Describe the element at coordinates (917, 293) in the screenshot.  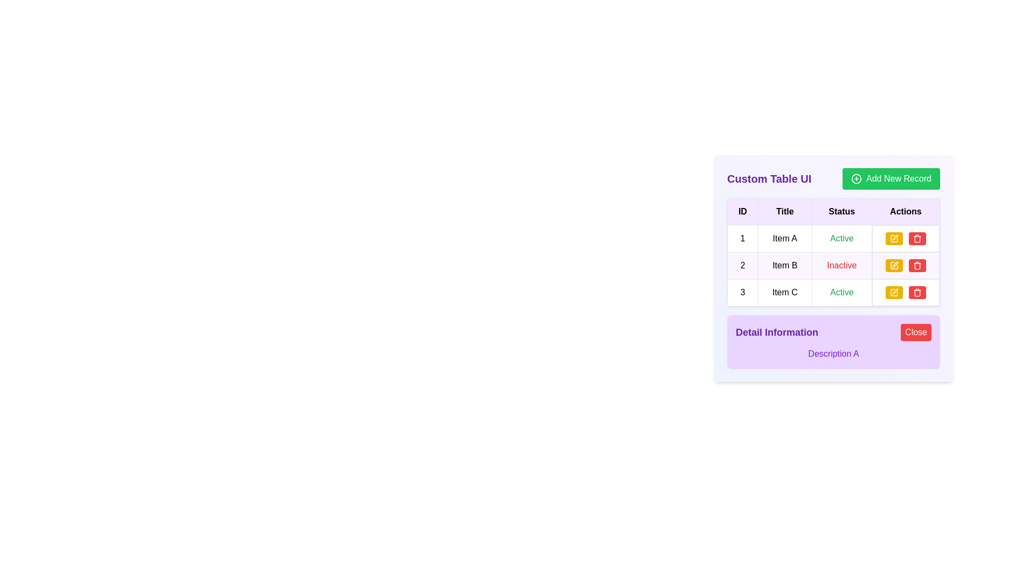
I see `the trash icon in the last column of the Actions section of the table row for 'Item C' to initiate a delete action` at that location.